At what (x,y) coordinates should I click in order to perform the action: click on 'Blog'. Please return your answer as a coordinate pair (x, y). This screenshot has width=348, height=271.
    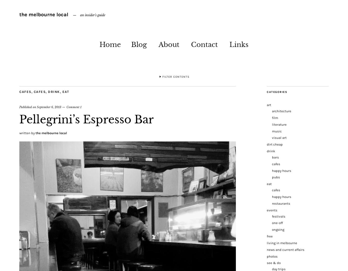
    Looking at the image, I should click on (139, 45).